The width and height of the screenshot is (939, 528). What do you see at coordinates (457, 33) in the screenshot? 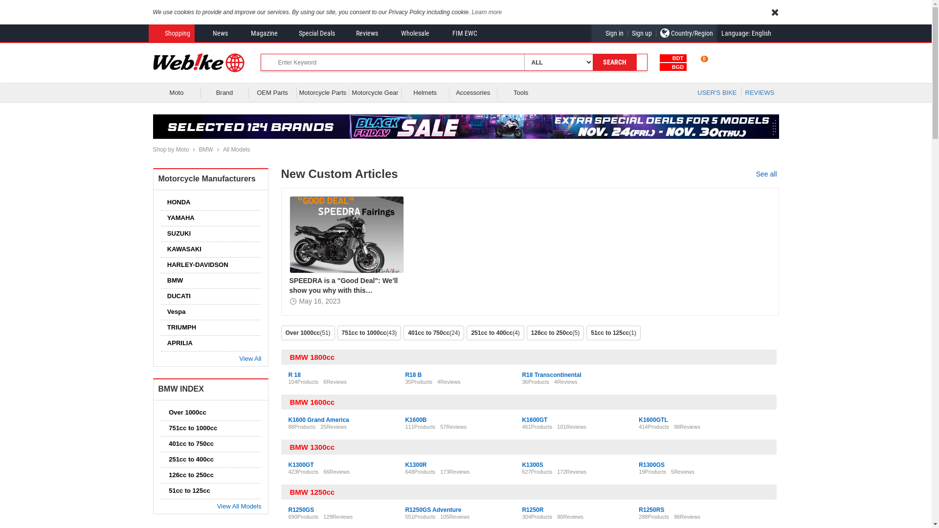
I see `'FIM EWC'` at bounding box center [457, 33].